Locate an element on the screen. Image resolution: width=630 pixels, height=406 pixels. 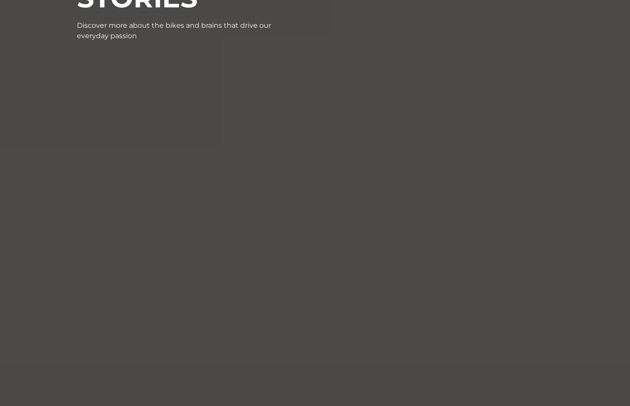
'Bike archives' is located at coordinates (443, 244).